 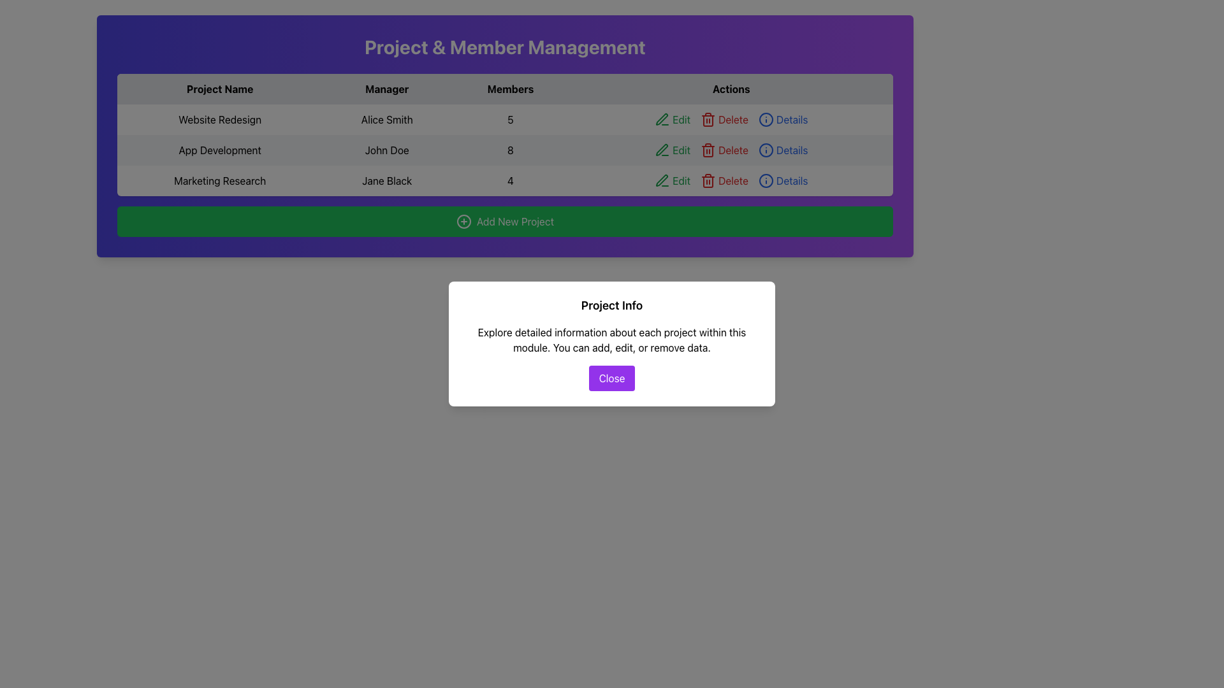 I want to click on the trash can icon representing the delete function in the Actions column of the third row under the Project & Member Management section, so click(x=708, y=181).